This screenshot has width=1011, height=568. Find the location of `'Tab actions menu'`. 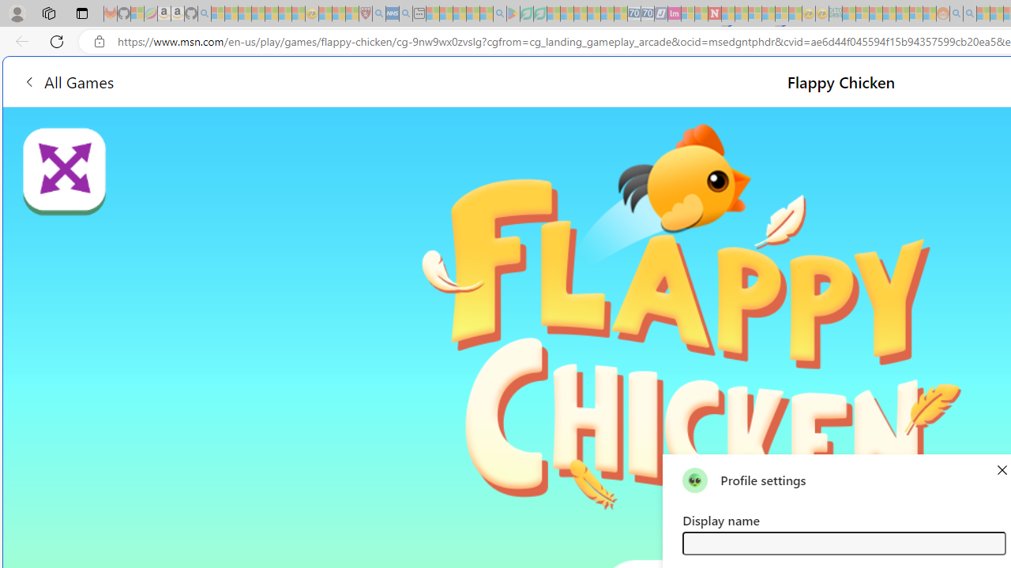

'Tab actions menu' is located at coordinates (81, 13).